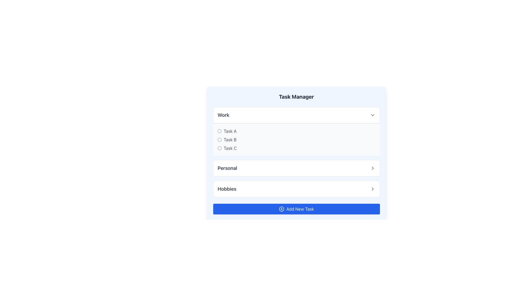 The height and width of the screenshot is (288, 513). I want to click on the radio button, so click(219, 148).